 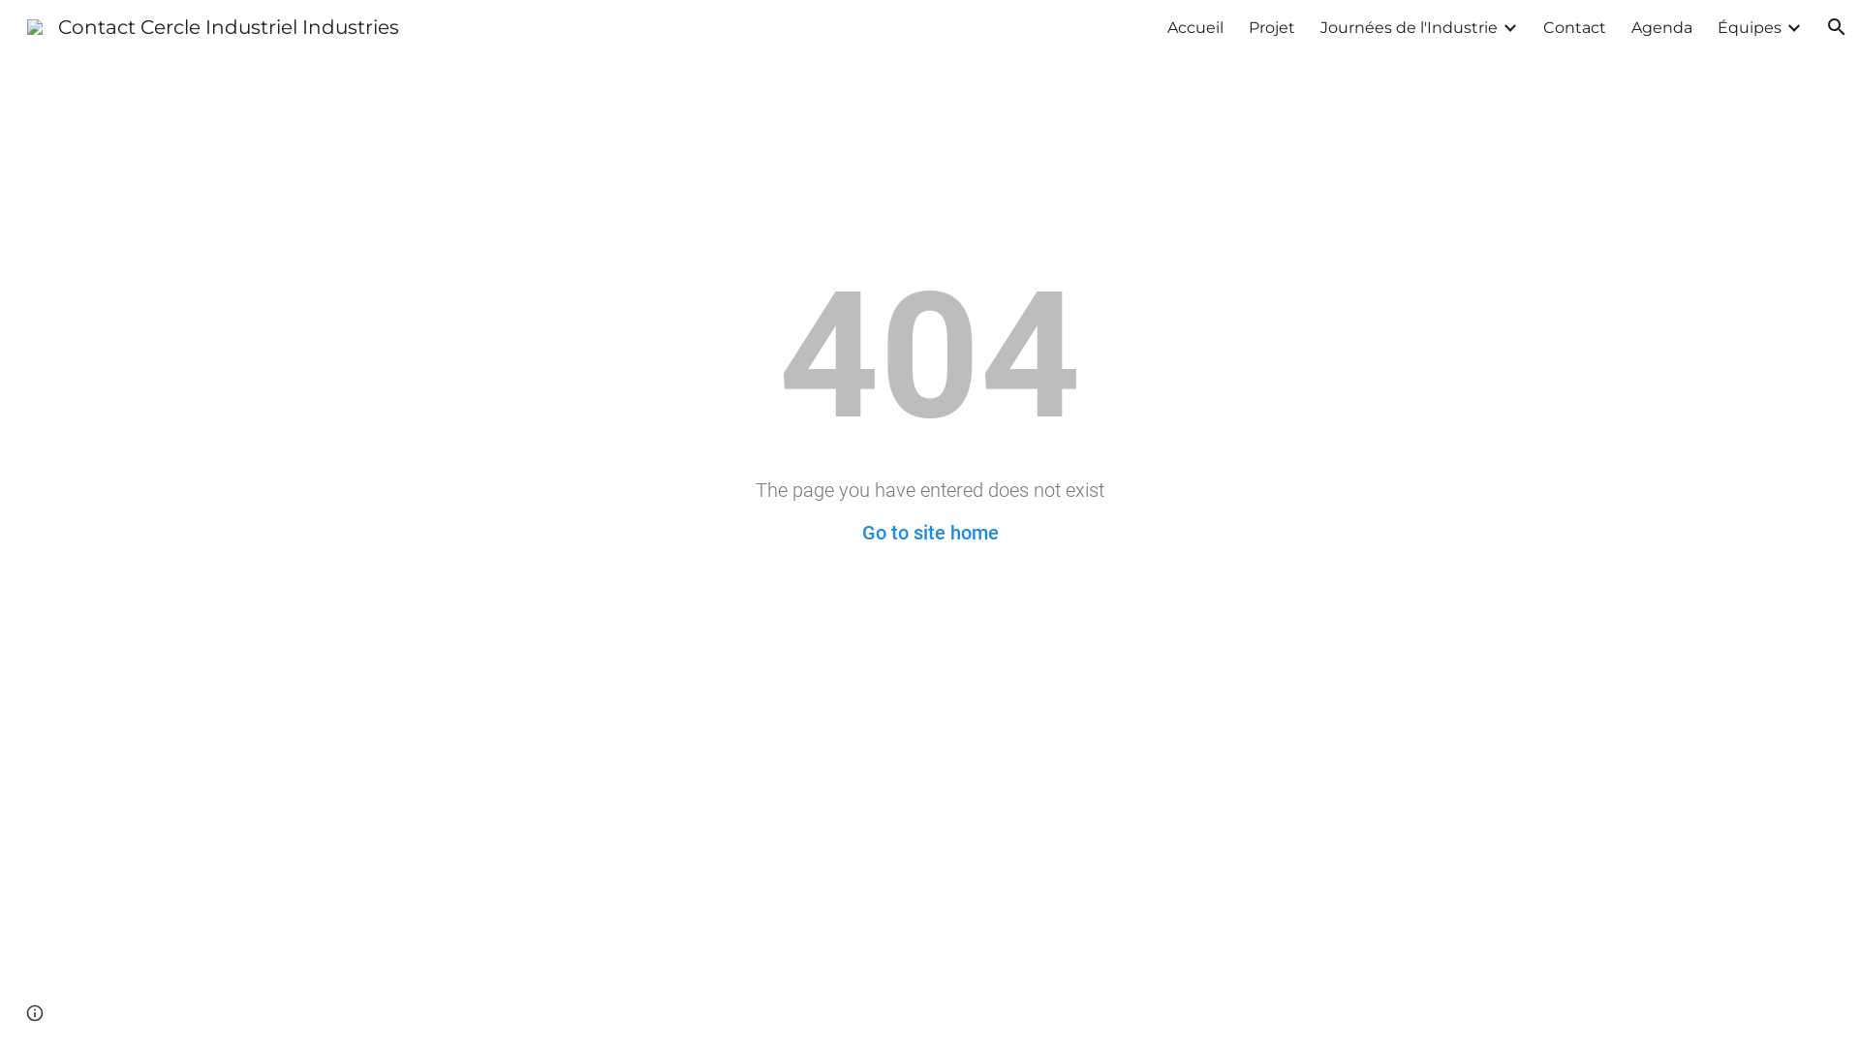 What do you see at coordinates (1508, 26) in the screenshot?
I see `'Expand/Collapse'` at bounding box center [1508, 26].